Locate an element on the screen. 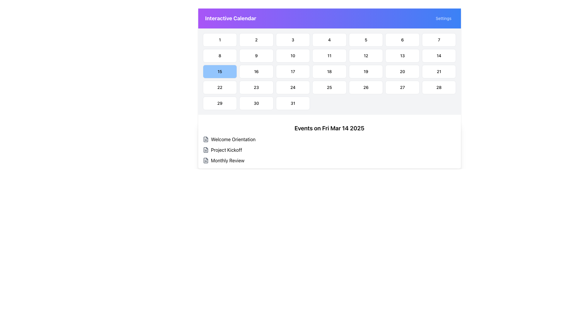 Image resolution: width=563 pixels, height=317 pixels. the static text element displaying '1' in bold font, located in the top-left cell of the calendar grid is located at coordinates (219, 40).